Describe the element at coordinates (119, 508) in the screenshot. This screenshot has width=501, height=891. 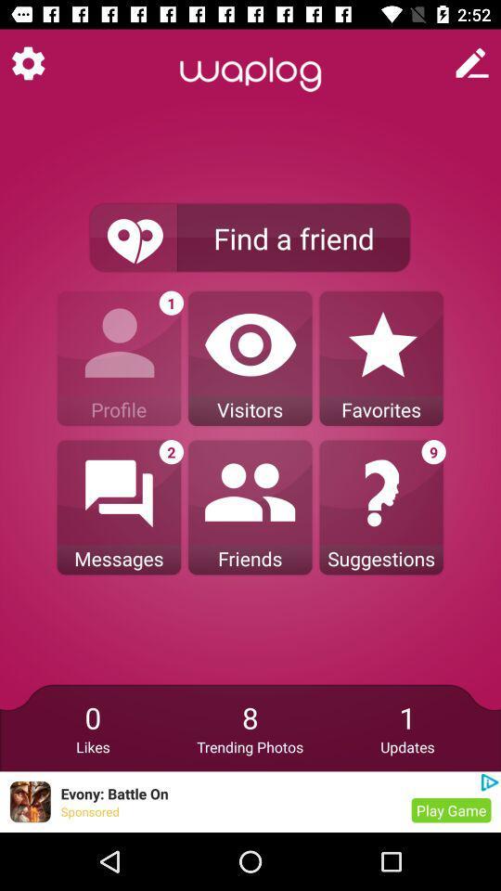
I see `messages icon` at that location.